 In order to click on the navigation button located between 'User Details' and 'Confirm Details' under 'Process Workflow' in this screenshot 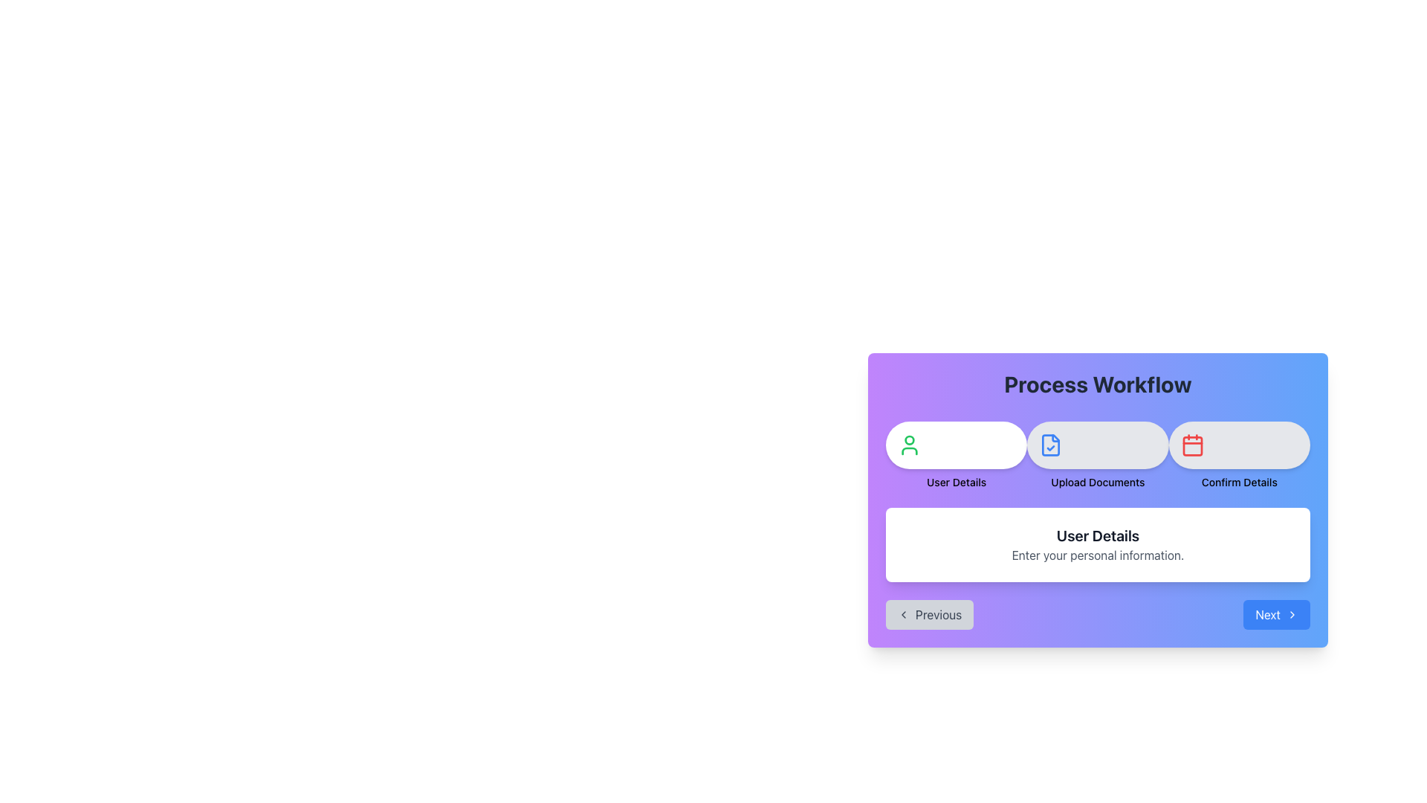, I will do `click(1098, 455)`.